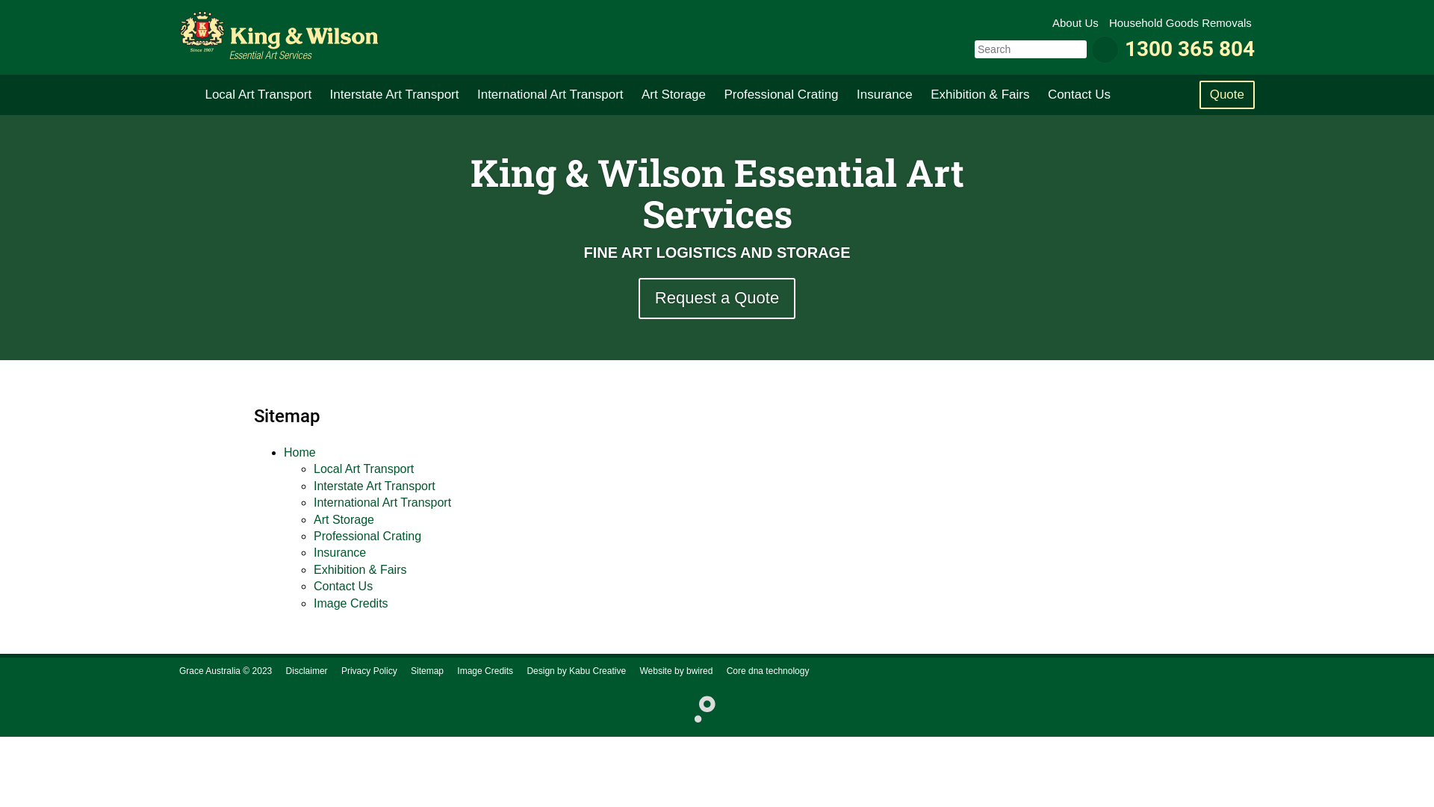 This screenshot has height=807, width=1434. What do you see at coordinates (1226, 95) in the screenshot?
I see `'Quote'` at bounding box center [1226, 95].